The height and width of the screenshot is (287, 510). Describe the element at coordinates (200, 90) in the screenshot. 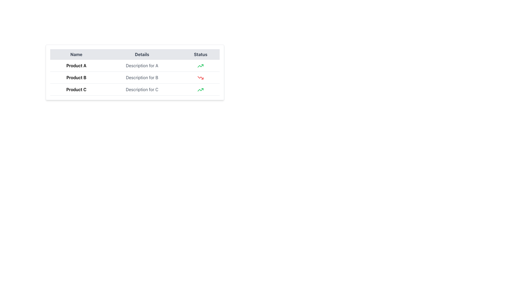

I see `the upward trend icon located in the third row of the table under the 'Status' column` at that location.